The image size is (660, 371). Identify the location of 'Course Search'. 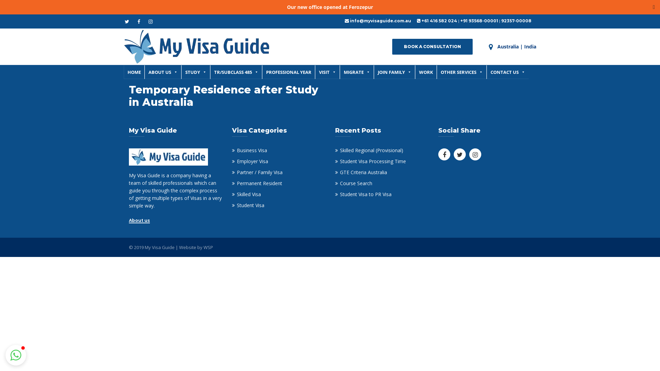
(353, 183).